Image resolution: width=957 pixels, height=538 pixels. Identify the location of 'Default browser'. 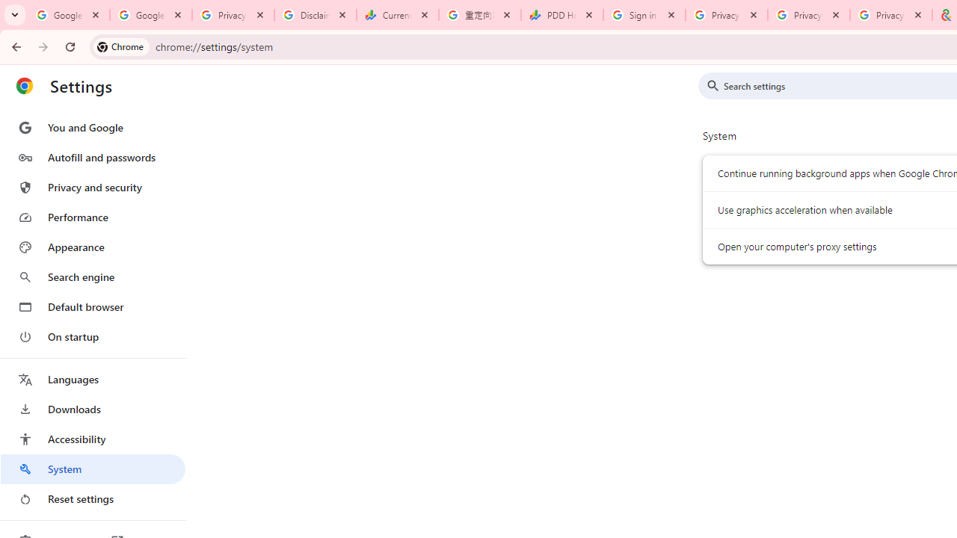
(92, 306).